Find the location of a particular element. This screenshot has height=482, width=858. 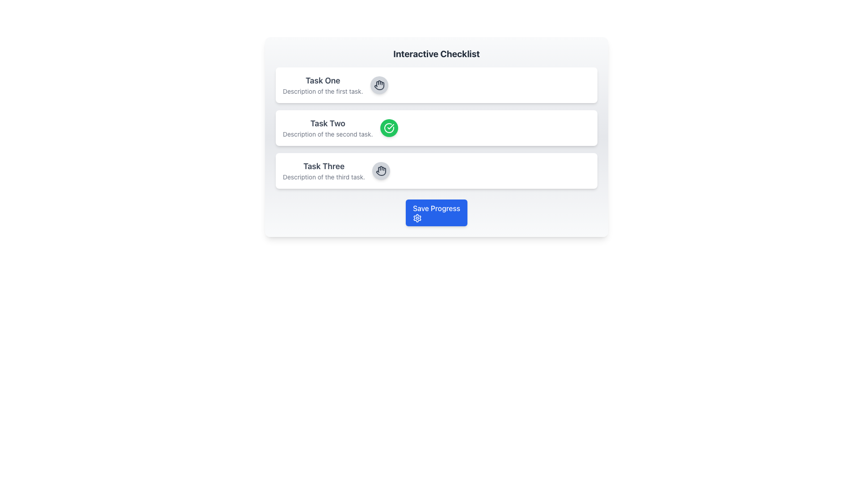

the header text 'Task Two' which is styled with a bold, larger font in dark gray color, prominently positioned in the central panel of the interactive checklist interface is located at coordinates (327, 124).